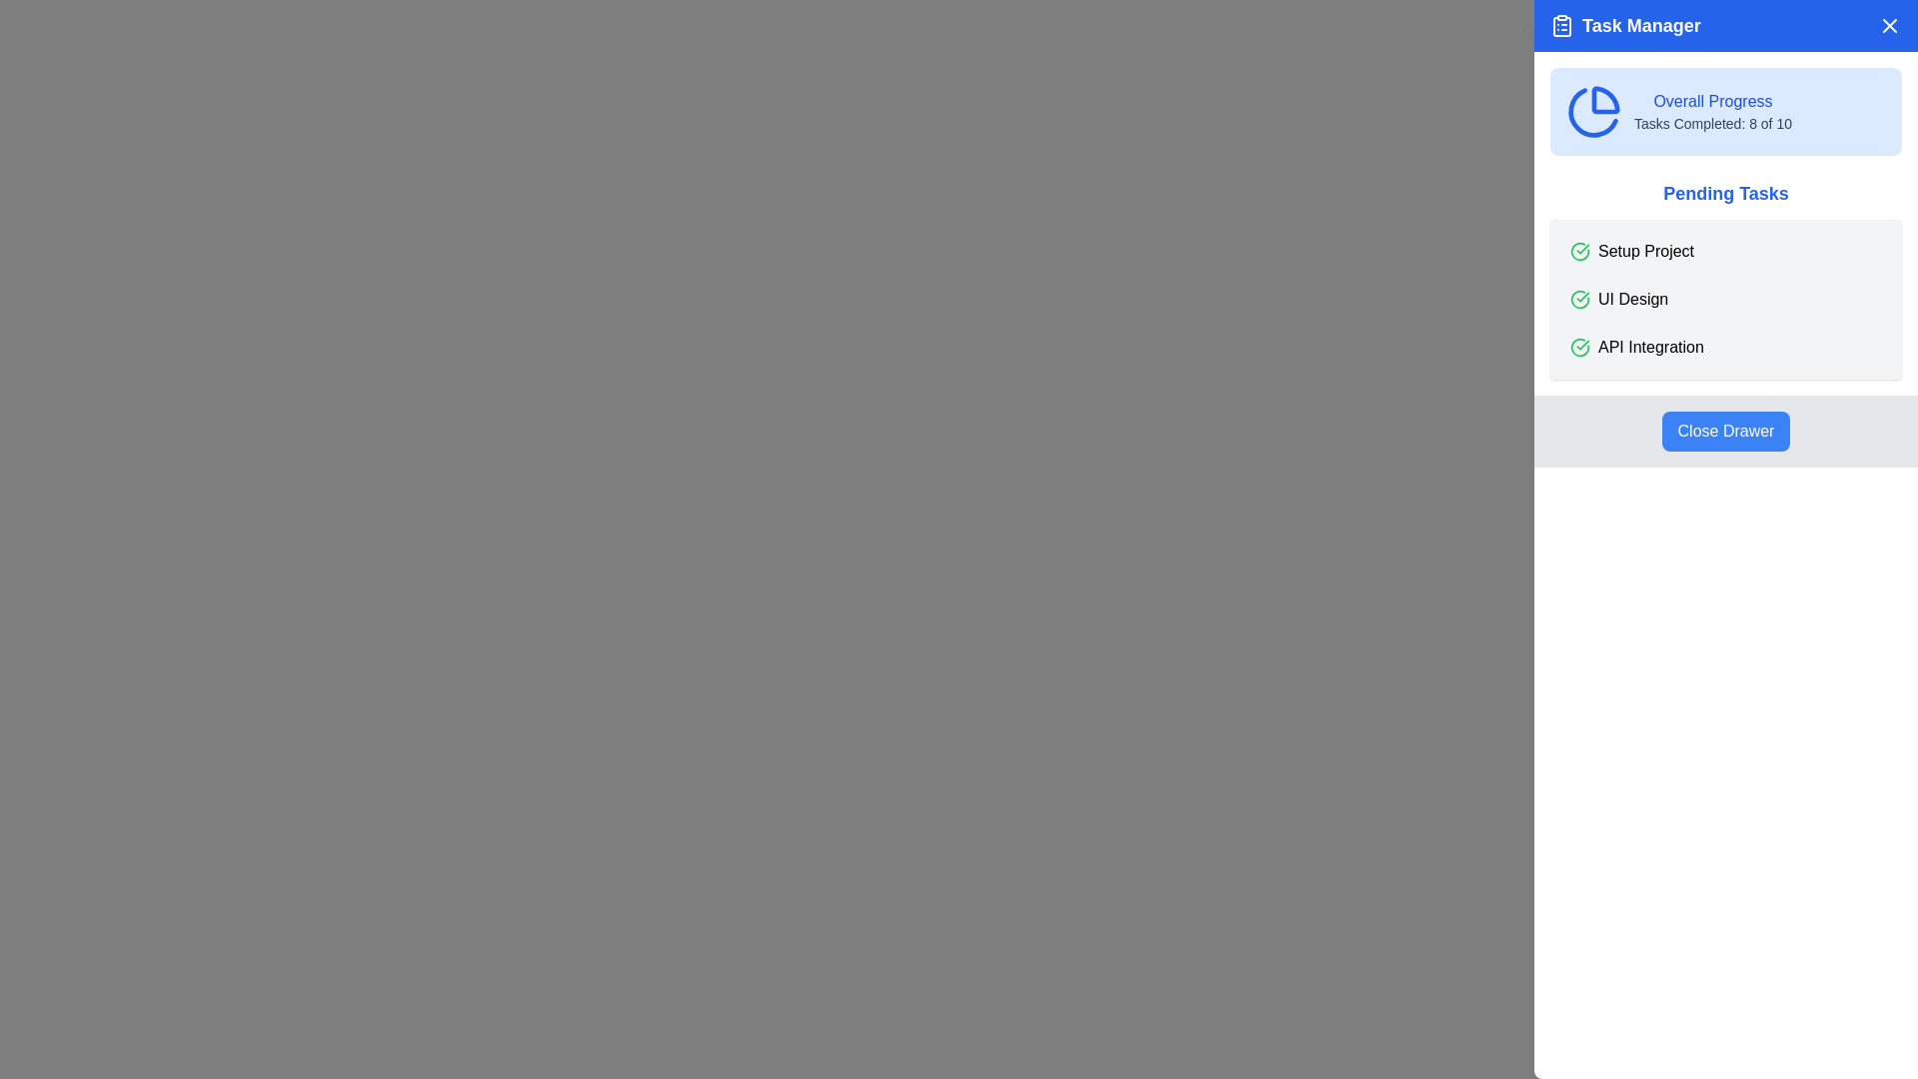  Describe the element at coordinates (1645, 250) in the screenshot. I see `the 'Setup Project' text label in the 'Pending Tasks' section of the sidebar to interact with associated task options` at that location.